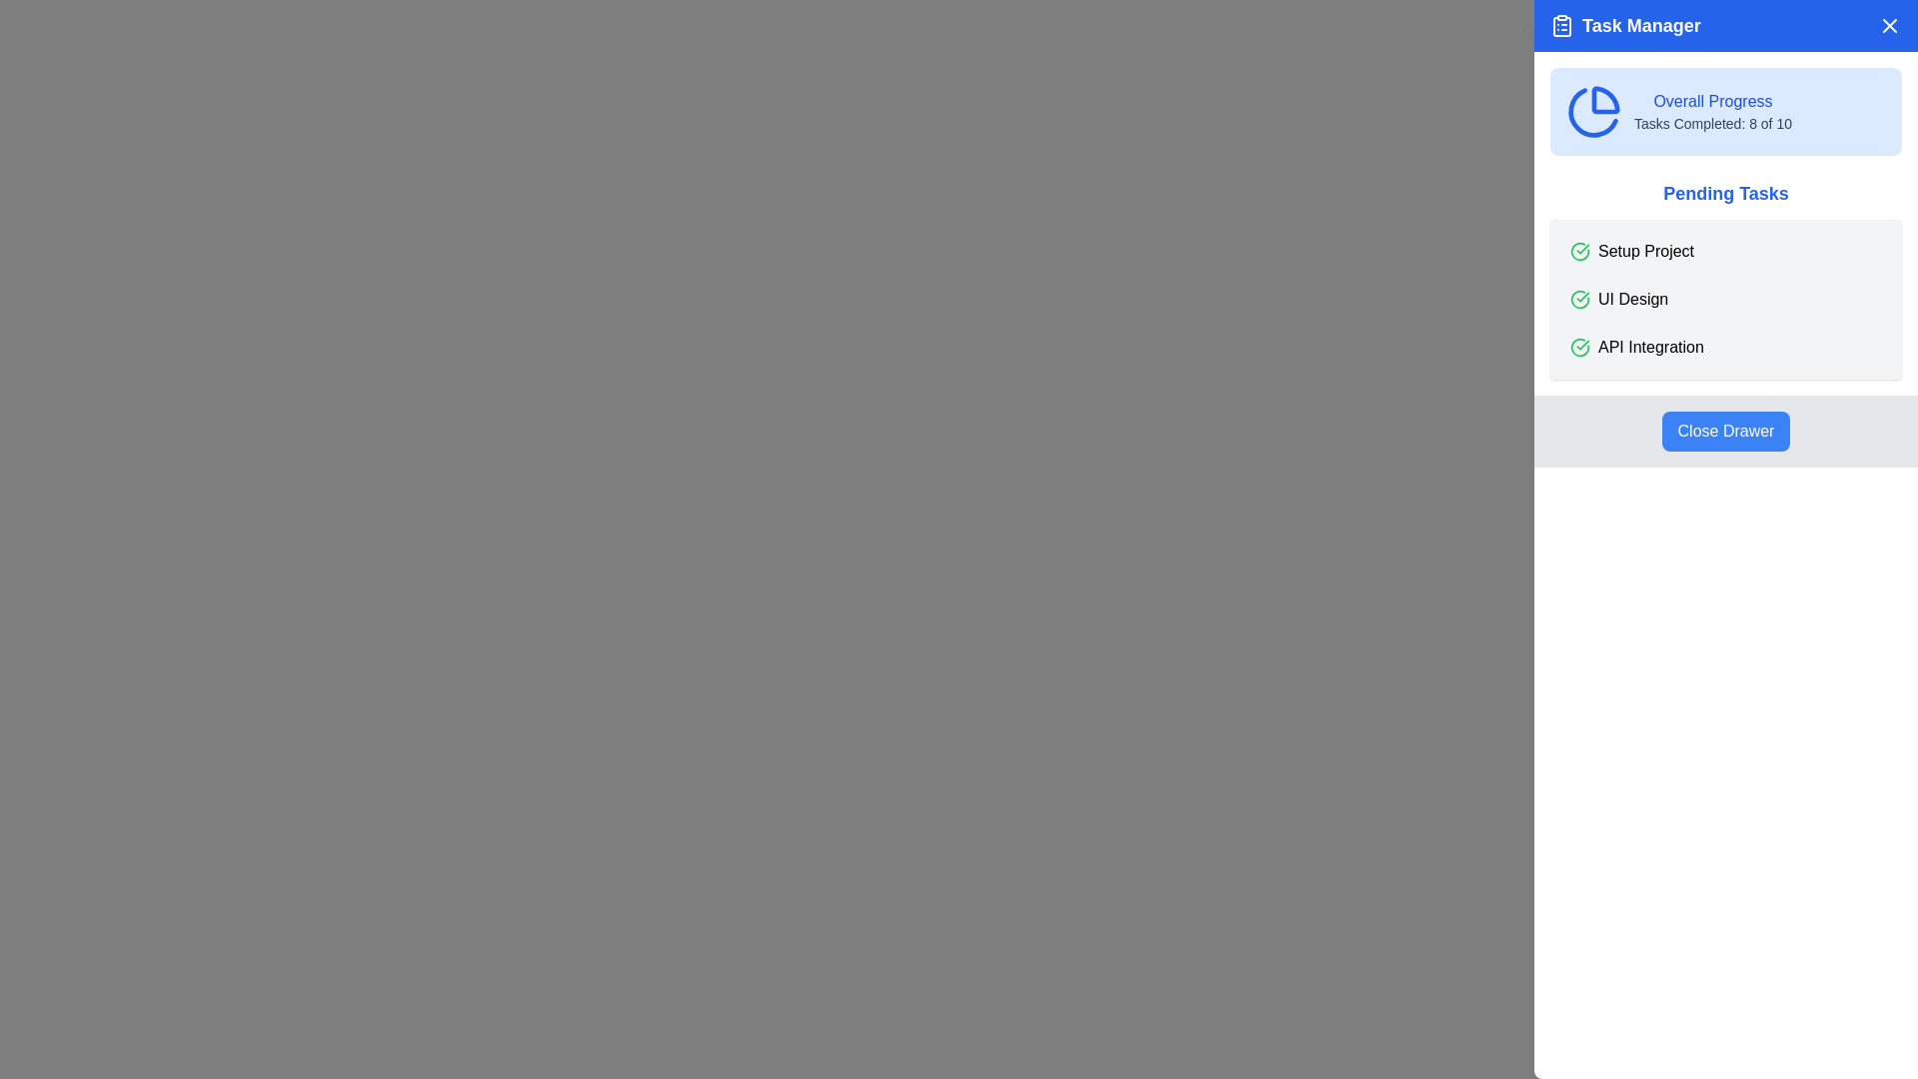  Describe the element at coordinates (1645, 250) in the screenshot. I see `the 'Setup Project' text label in the 'Pending Tasks' section of the sidebar to interact with associated task options` at that location.